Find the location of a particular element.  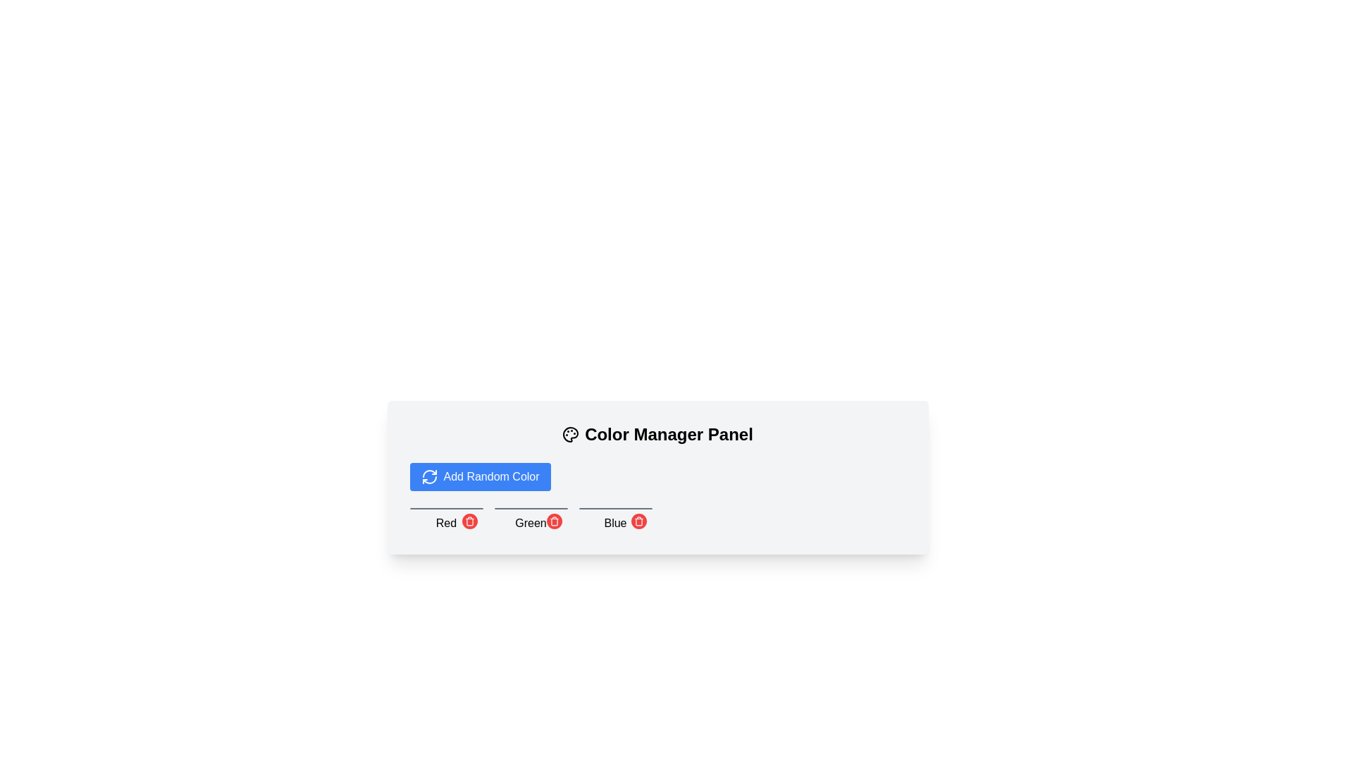

the circular red button with a white trash can icon located at the top-right corner of the 'Green' color section in the color manager panel is located at coordinates (553, 521).